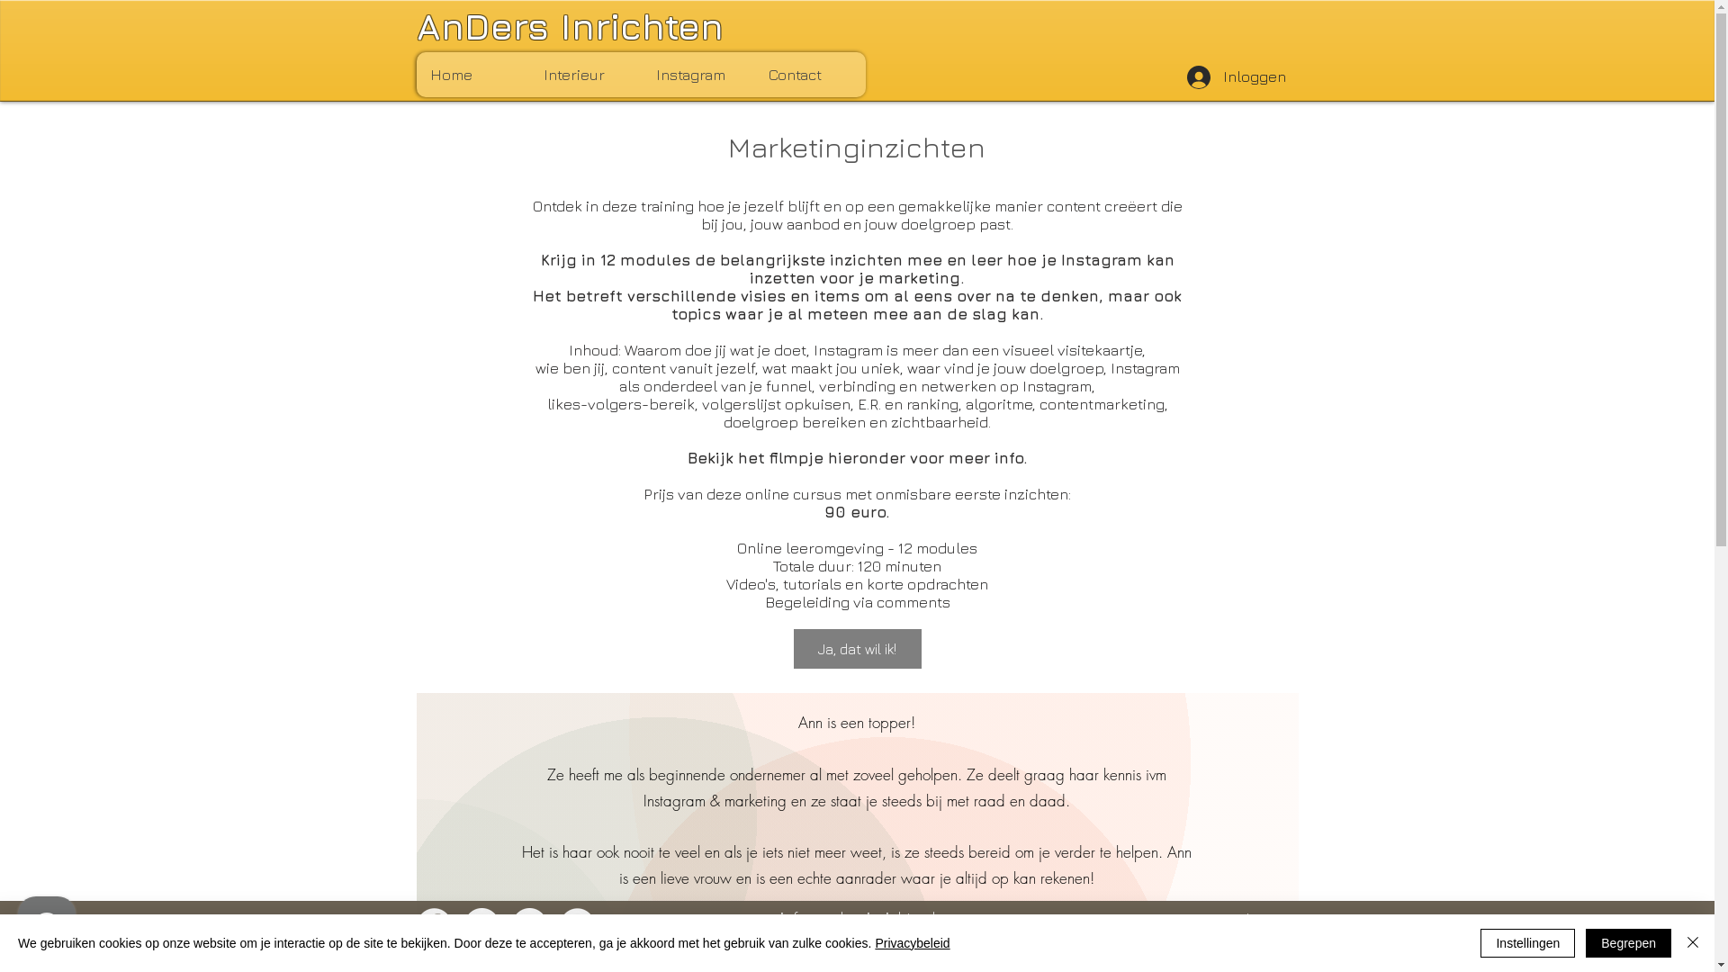  I want to click on 'Begrepen', so click(1628, 942).